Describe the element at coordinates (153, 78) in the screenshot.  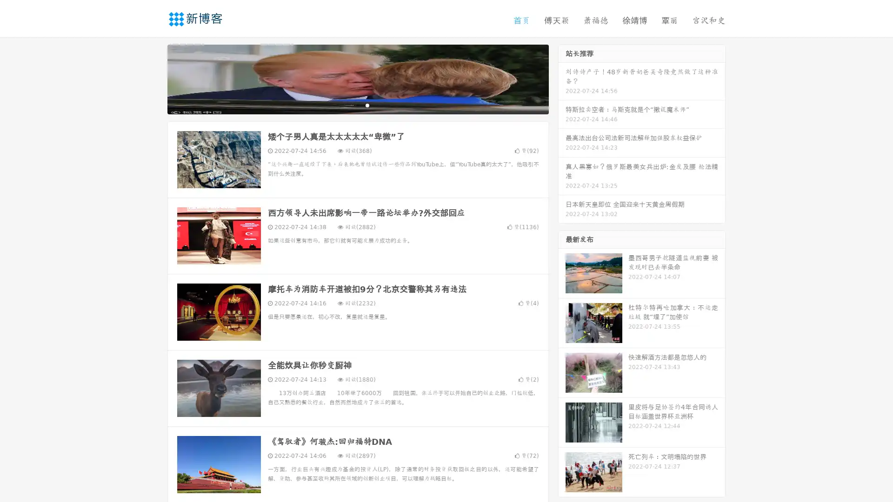
I see `Previous slide` at that location.